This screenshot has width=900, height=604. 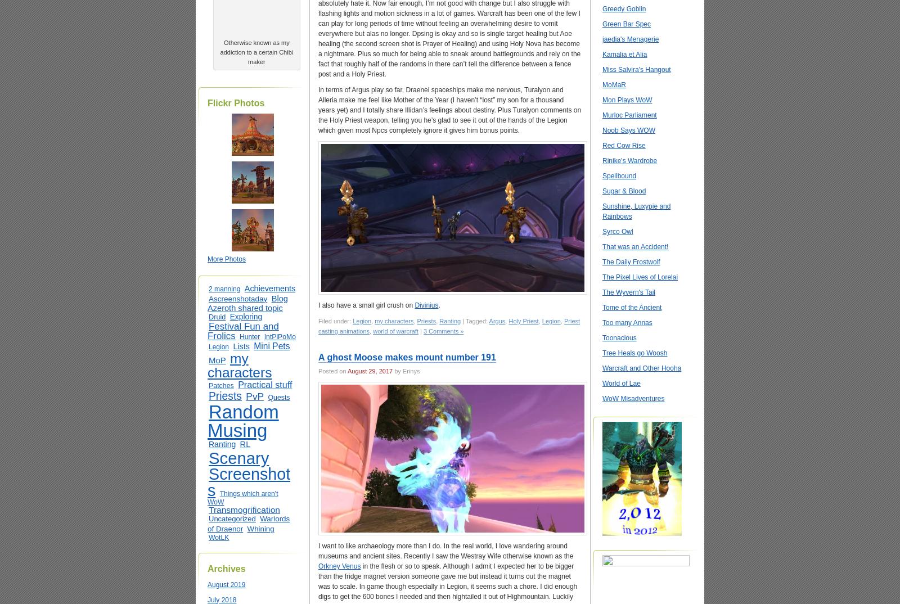 I want to click on 'Druid', so click(x=217, y=316).